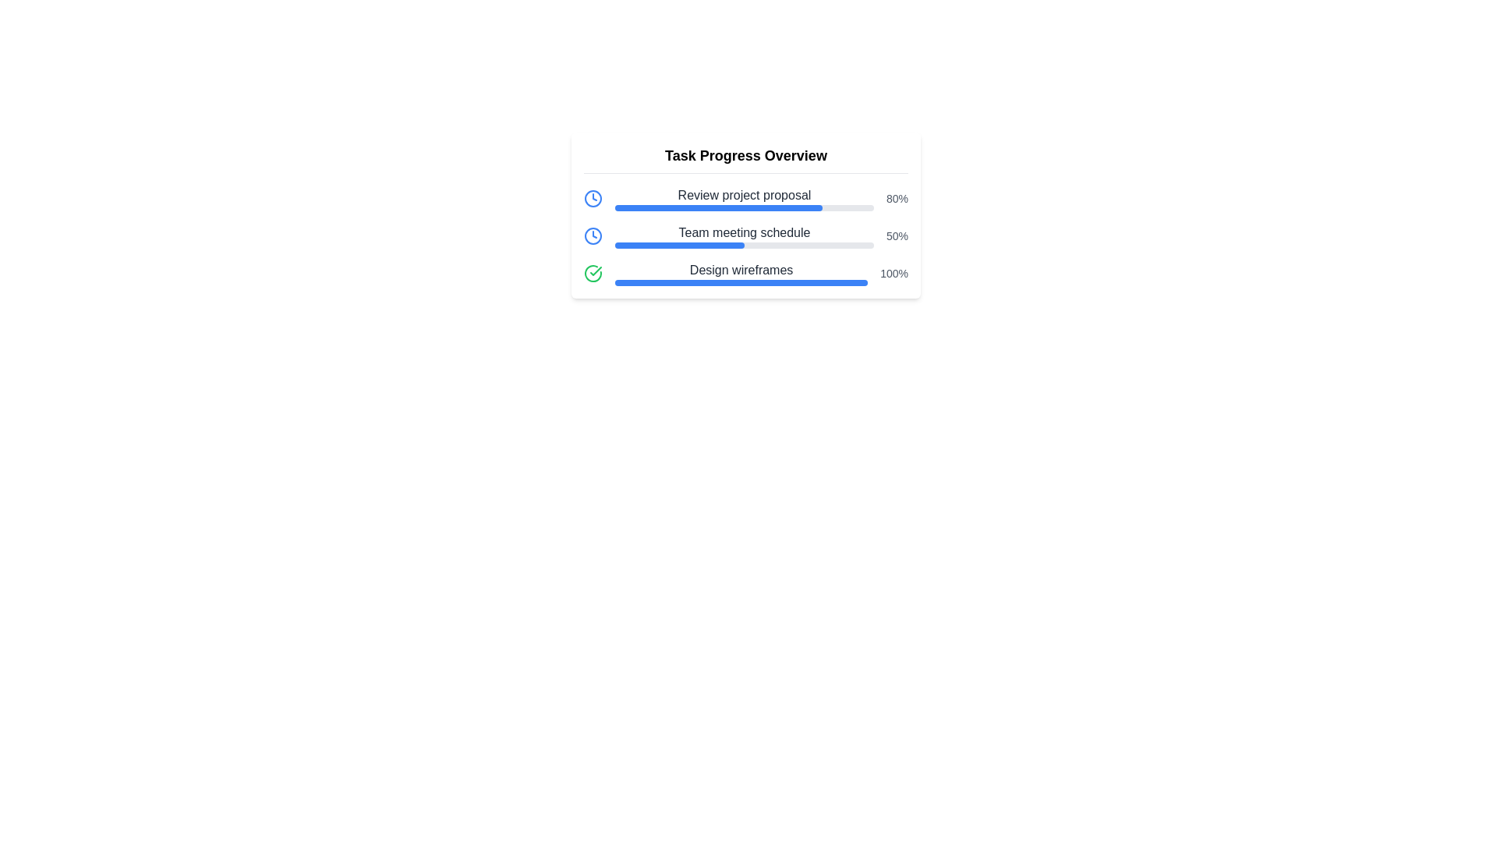  What do you see at coordinates (593, 236) in the screenshot?
I see `the SVG circle element that represents a clock icon, located at the leftmost part of the first line of the task list` at bounding box center [593, 236].